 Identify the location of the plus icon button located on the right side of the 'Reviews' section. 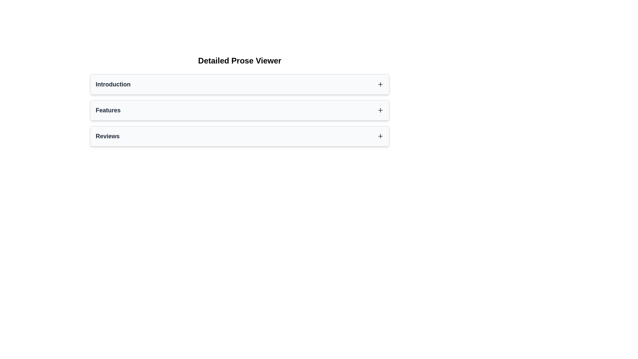
(380, 136).